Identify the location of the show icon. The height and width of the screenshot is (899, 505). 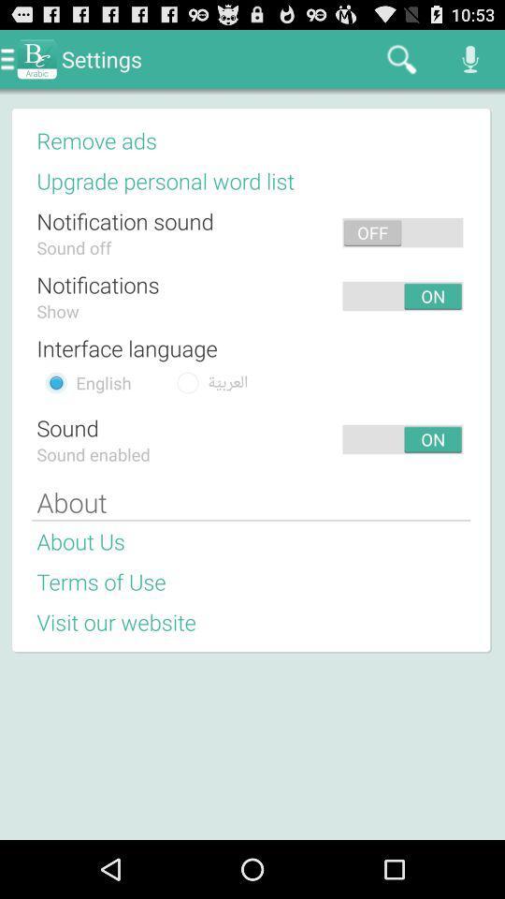
(58, 311).